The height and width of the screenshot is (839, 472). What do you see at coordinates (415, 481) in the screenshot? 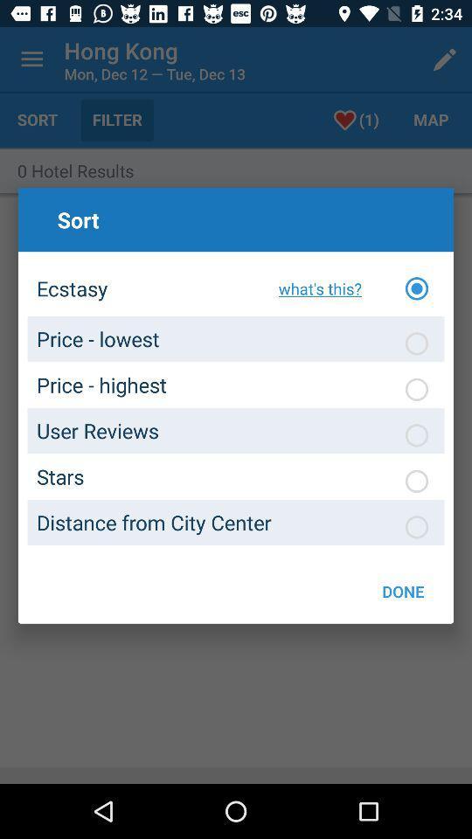
I see `selective symbol` at bounding box center [415, 481].